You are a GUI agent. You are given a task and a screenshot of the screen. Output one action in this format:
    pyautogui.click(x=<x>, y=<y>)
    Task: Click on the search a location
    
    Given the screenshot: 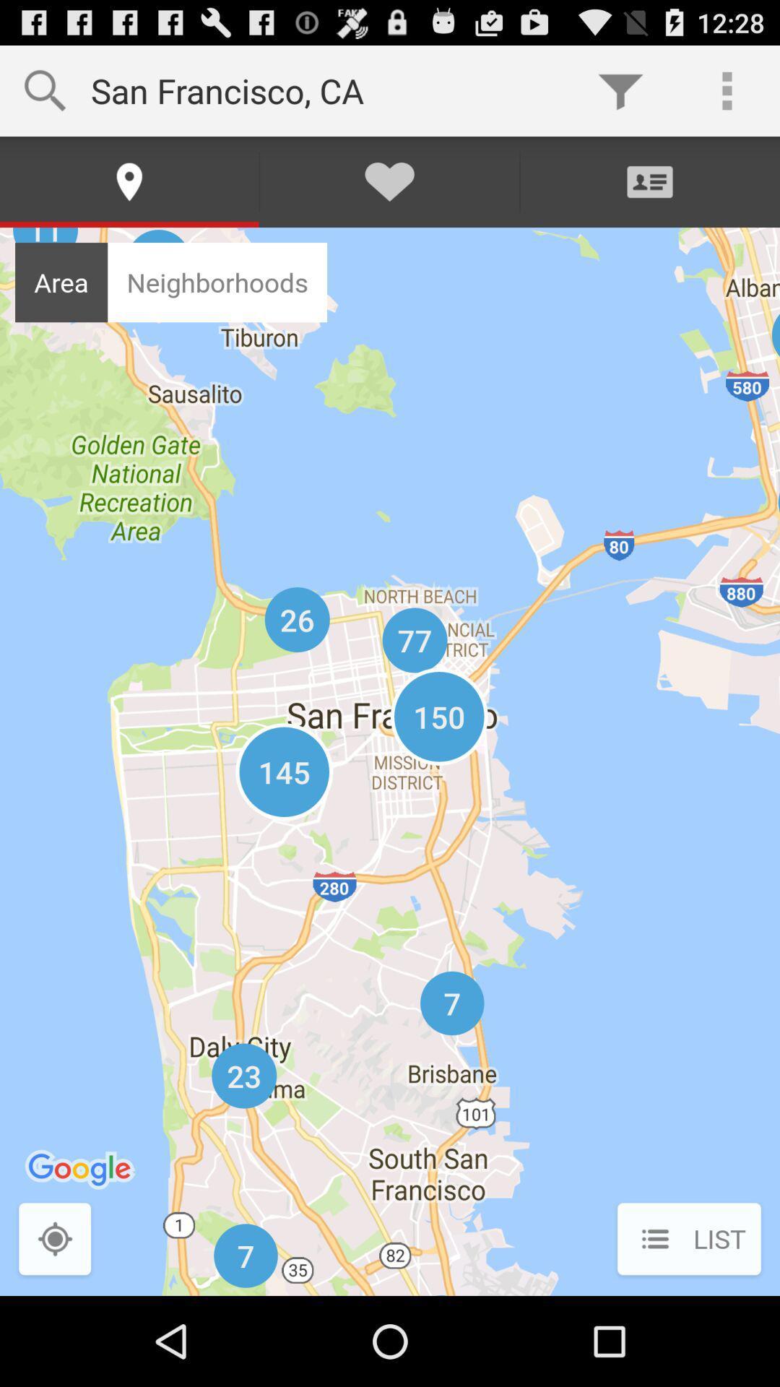 What is the action you would take?
    pyautogui.click(x=54, y=1240)
    